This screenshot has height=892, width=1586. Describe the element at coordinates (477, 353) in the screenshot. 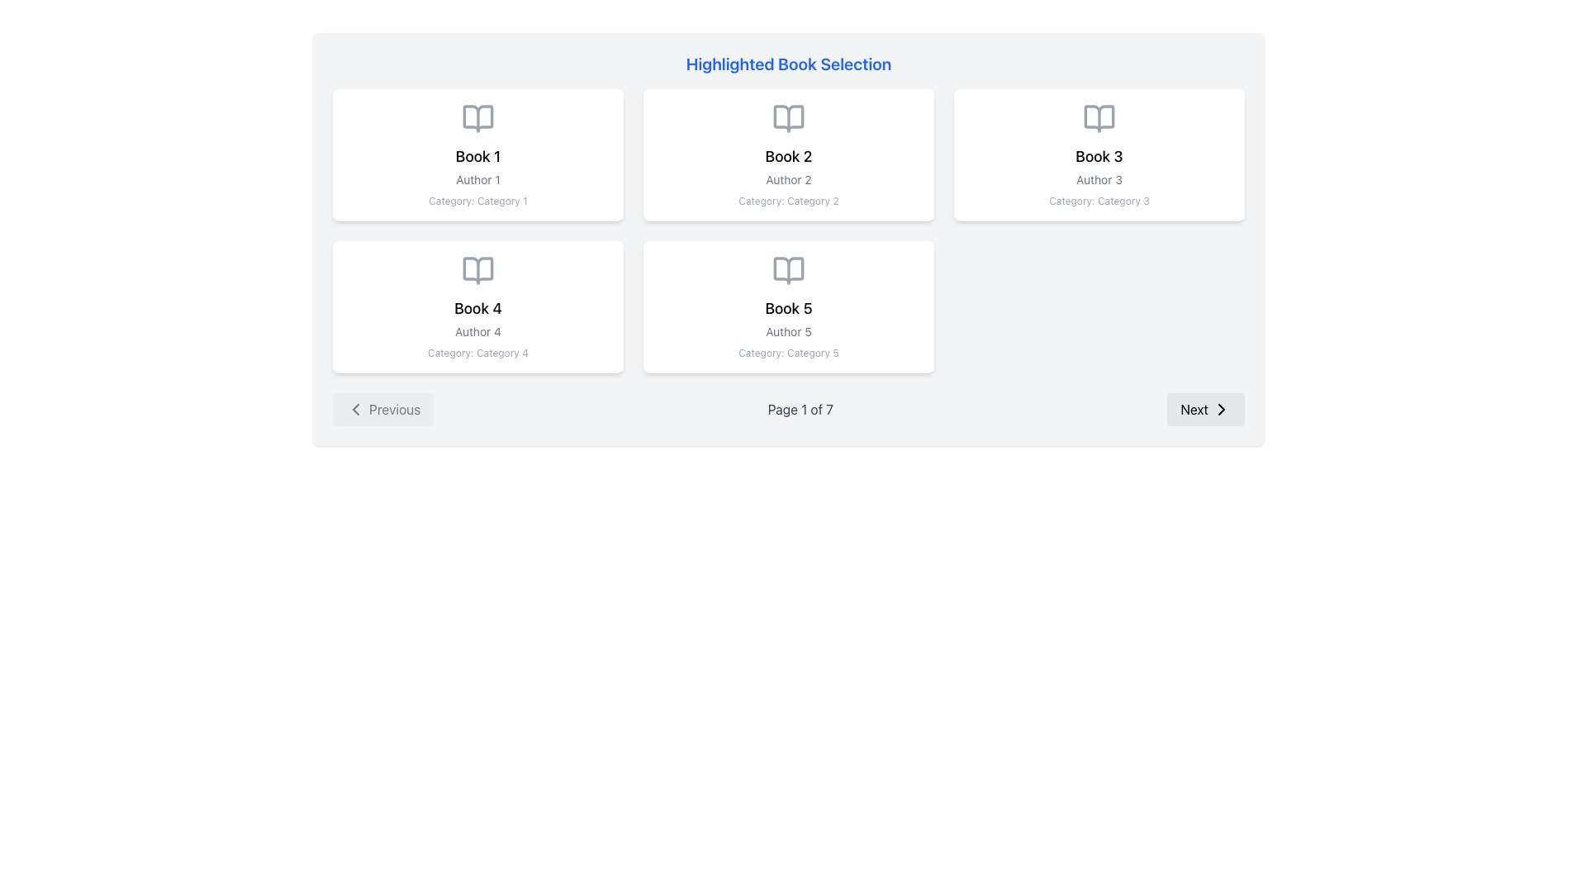

I see `the Text Label that indicates the item belongs to 'Category 4', located at the lower portion of the card for 'Book 4'` at that location.